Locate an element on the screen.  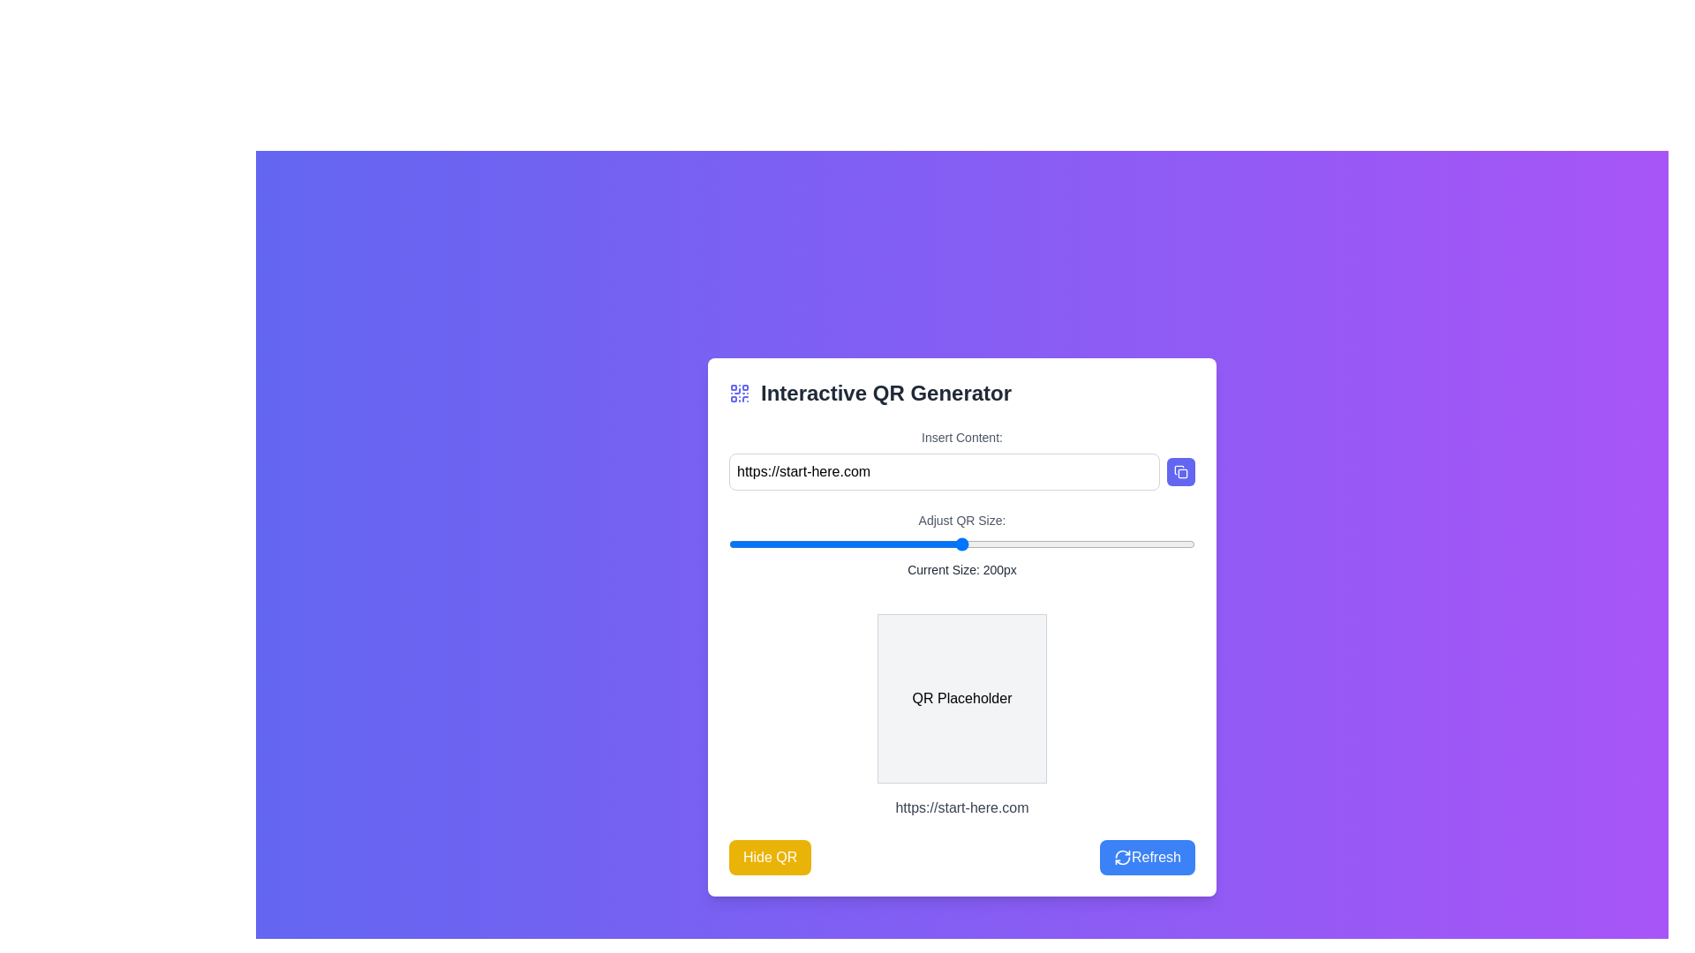
the text-based header or title for the QR generator interface is located at coordinates (960, 393).